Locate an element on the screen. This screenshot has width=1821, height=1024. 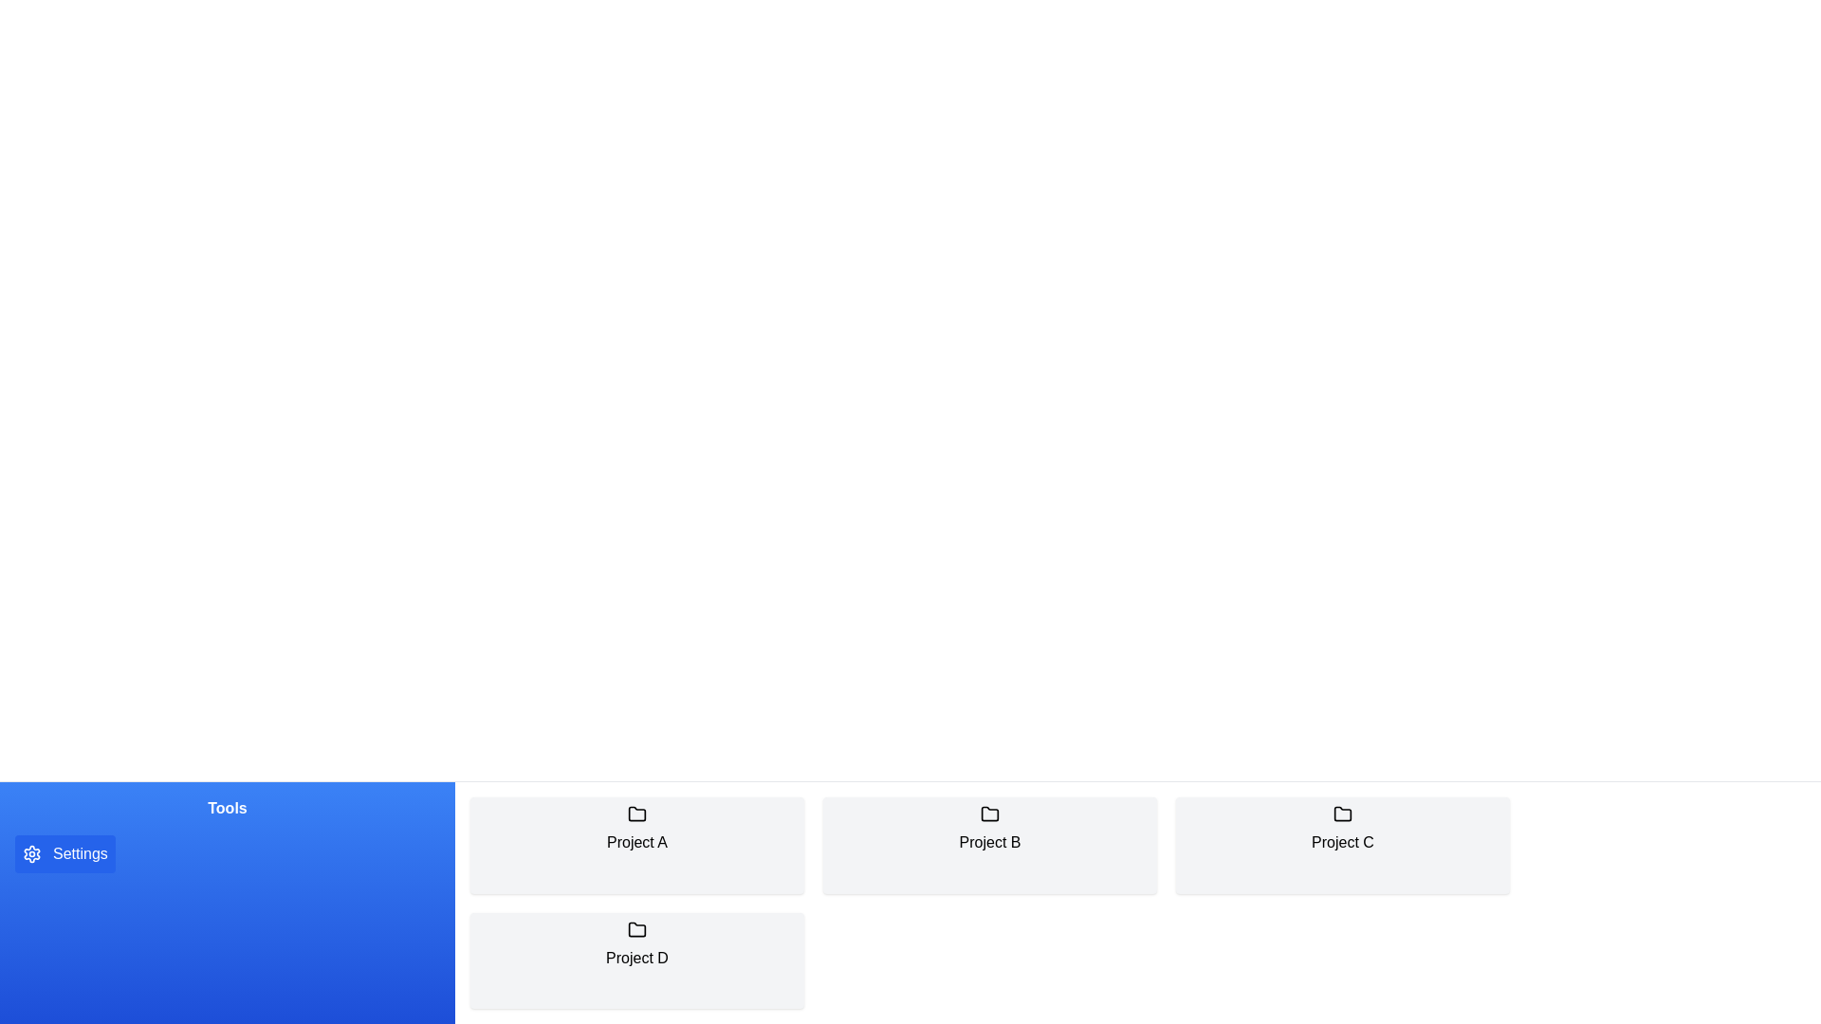
the folder icon that is located above the text labeled 'Project C' in the lower section of the page's grid layout is located at coordinates (1342, 812).